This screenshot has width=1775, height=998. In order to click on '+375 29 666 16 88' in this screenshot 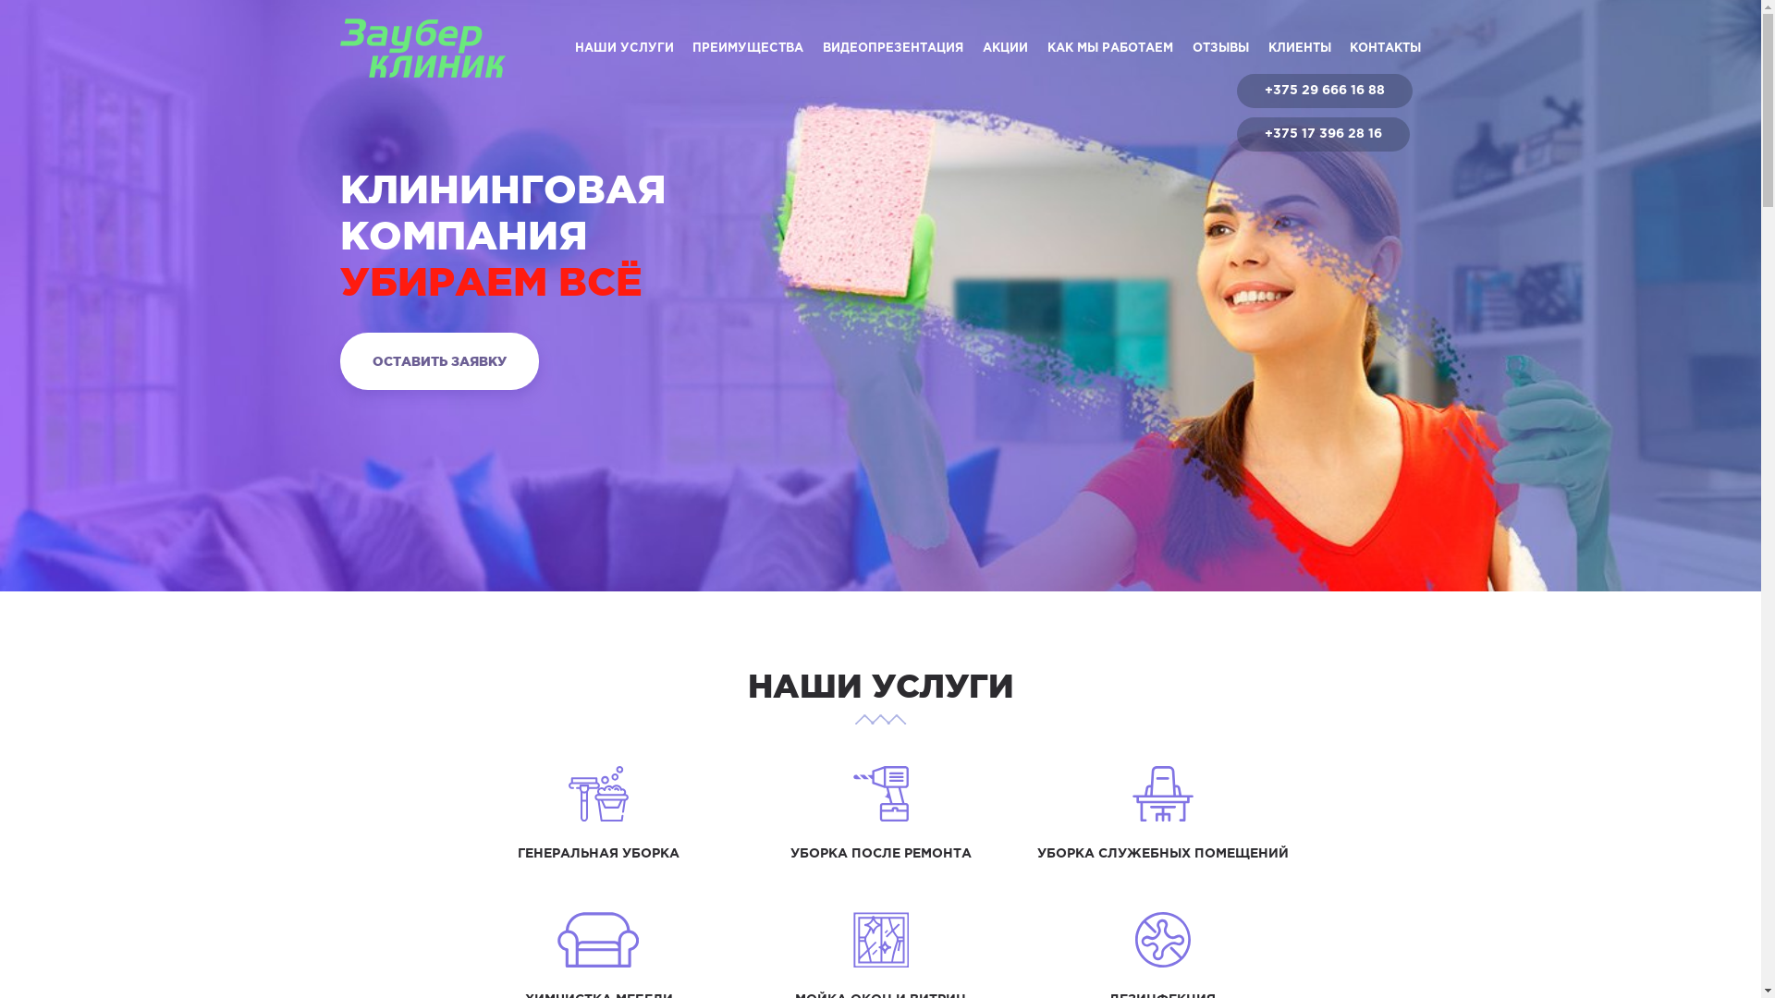, I will do `click(1324, 90)`.